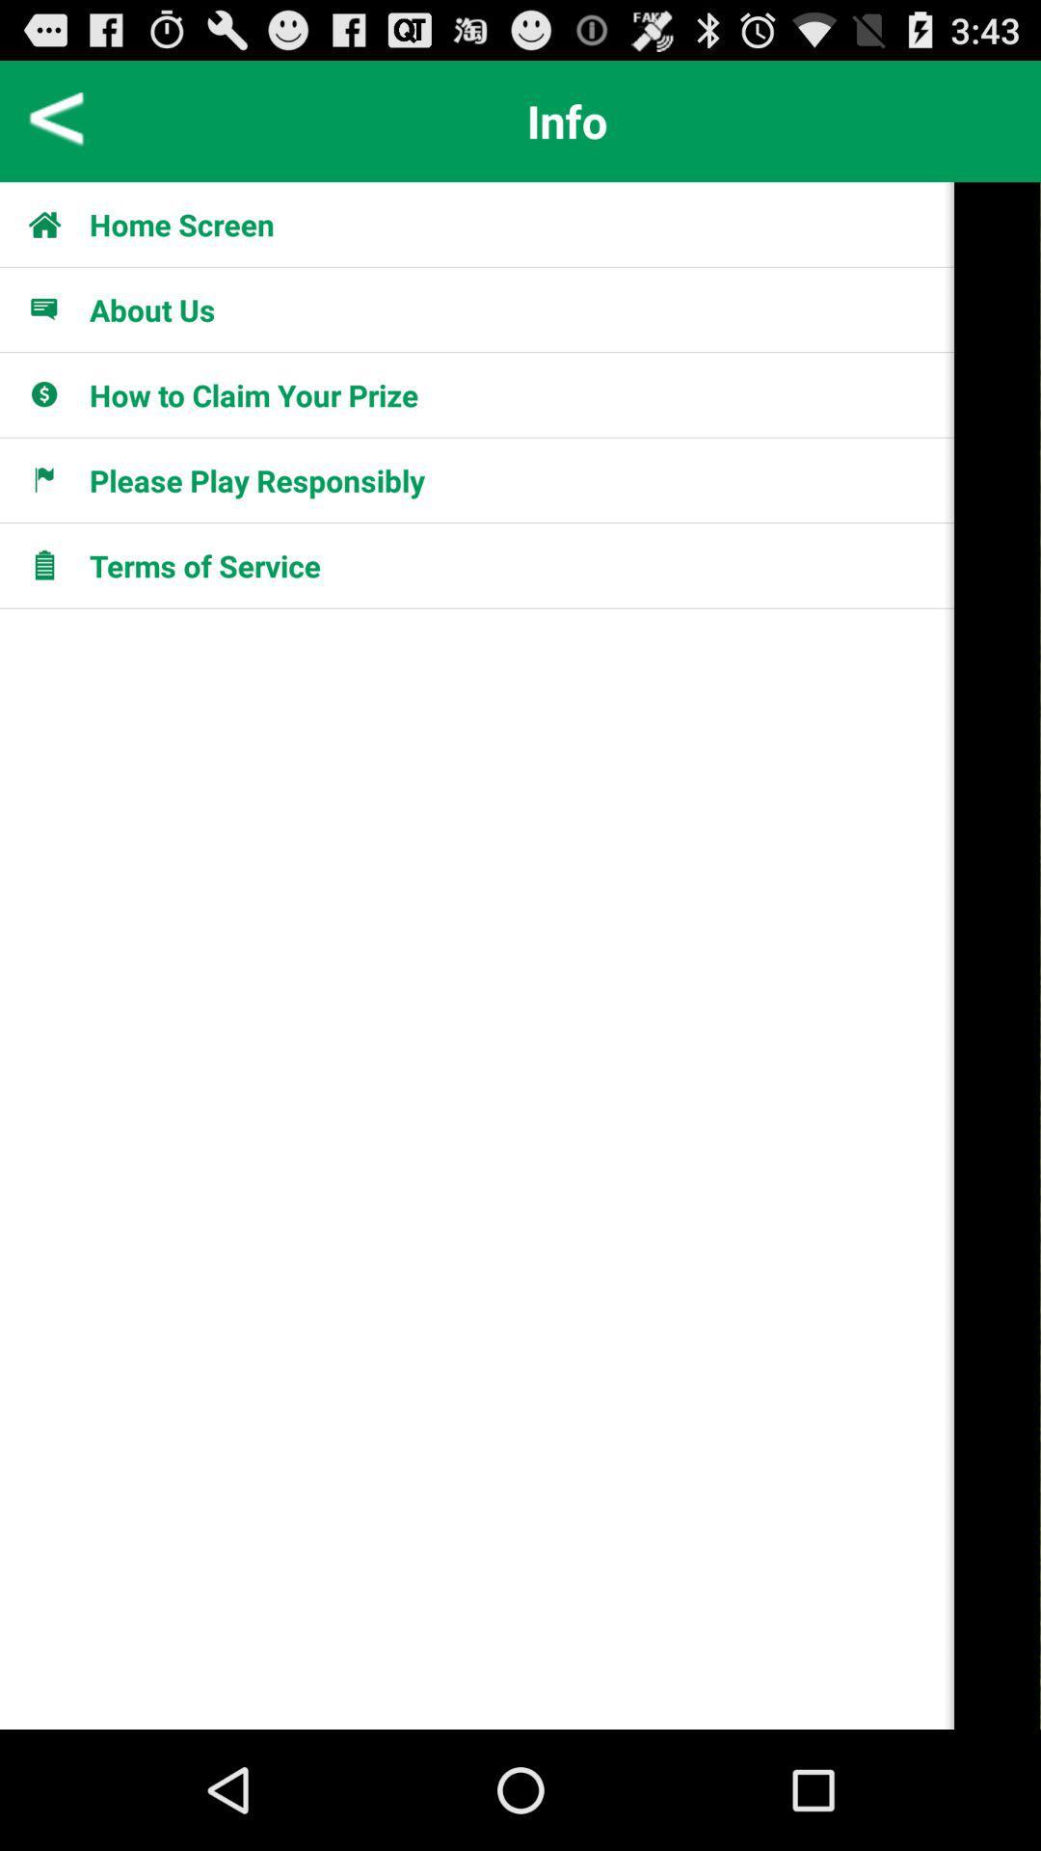 The width and height of the screenshot is (1041, 1851). I want to click on info icon, so click(567, 120).